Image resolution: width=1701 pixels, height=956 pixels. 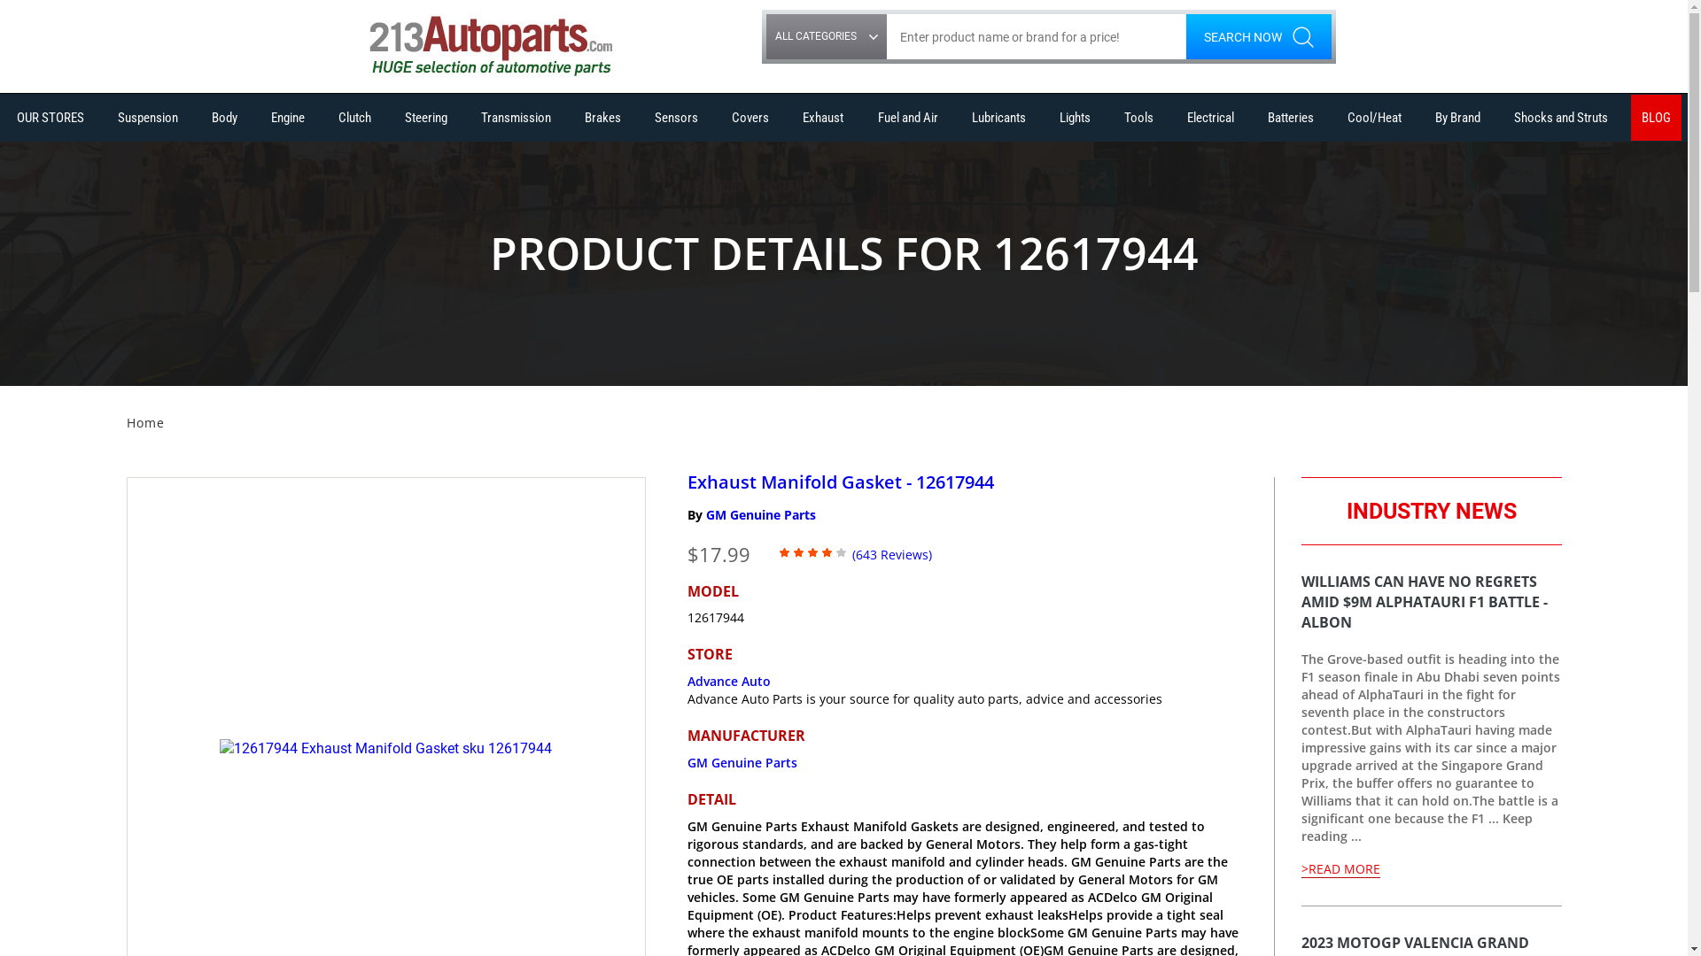 What do you see at coordinates (1560, 117) in the screenshot?
I see `'Shocks and Struts'` at bounding box center [1560, 117].